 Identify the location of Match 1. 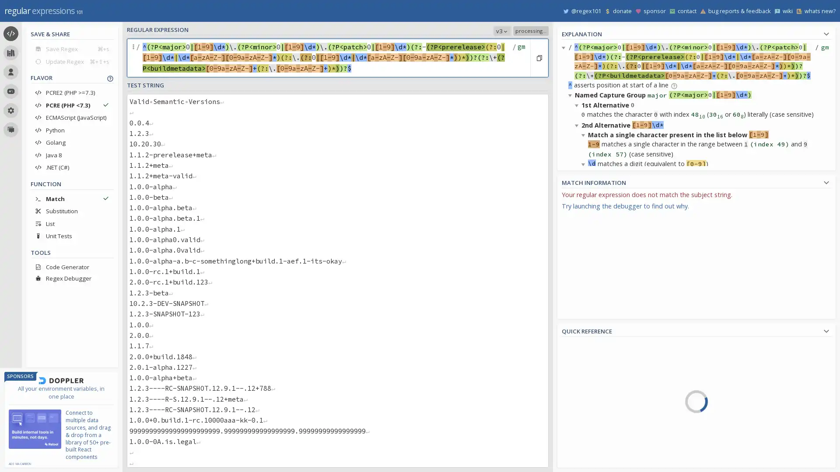
(585, 201).